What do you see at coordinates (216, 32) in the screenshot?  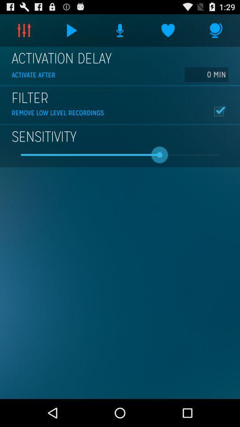 I see `the microphone icon` at bounding box center [216, 32].